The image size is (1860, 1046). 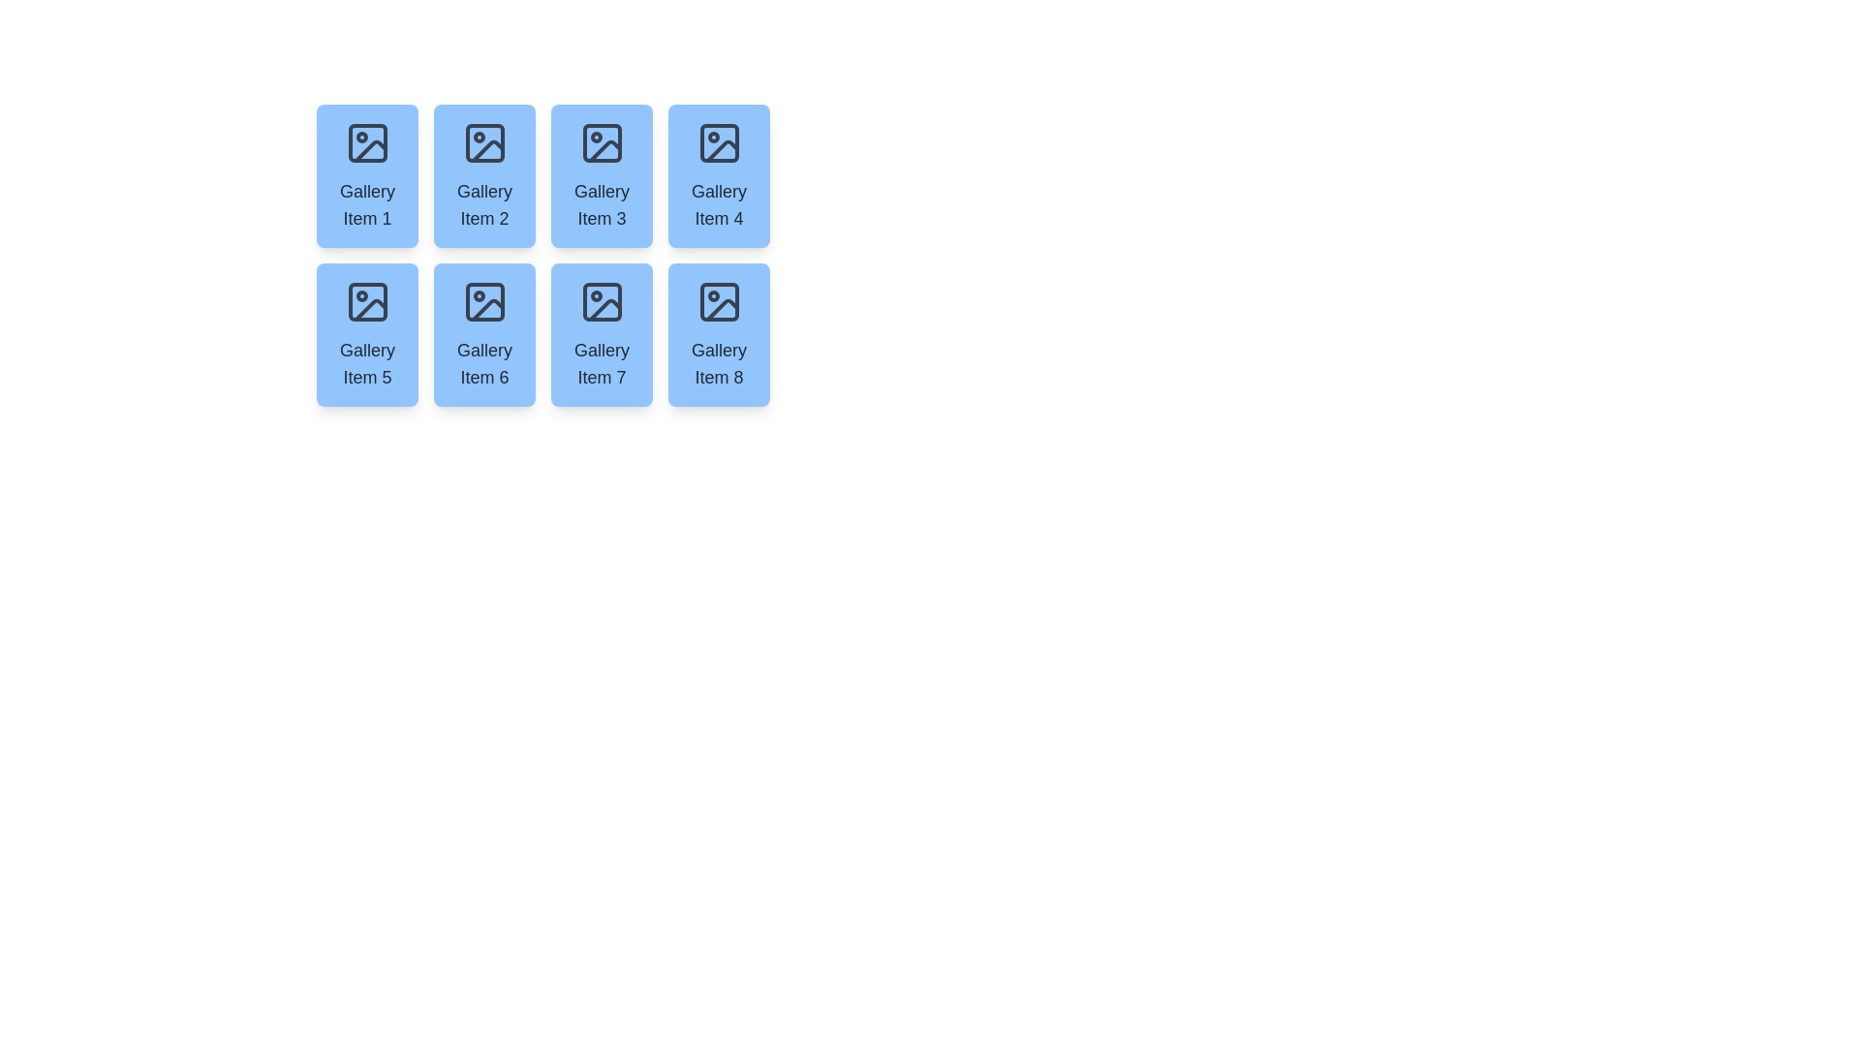 I want to click on the icon representing 'Gallery Item 1', which is located at the upper-center part of its button-like component, so click(x=367, y=141).